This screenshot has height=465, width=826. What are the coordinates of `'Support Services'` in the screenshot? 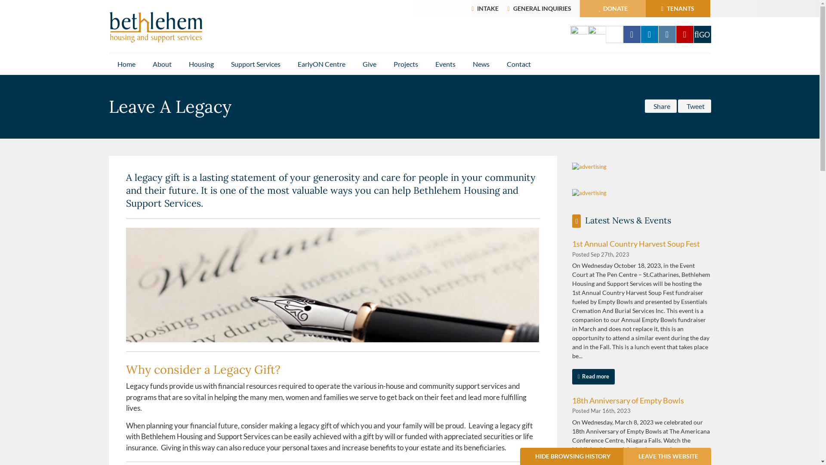 It's located at (255, 64).